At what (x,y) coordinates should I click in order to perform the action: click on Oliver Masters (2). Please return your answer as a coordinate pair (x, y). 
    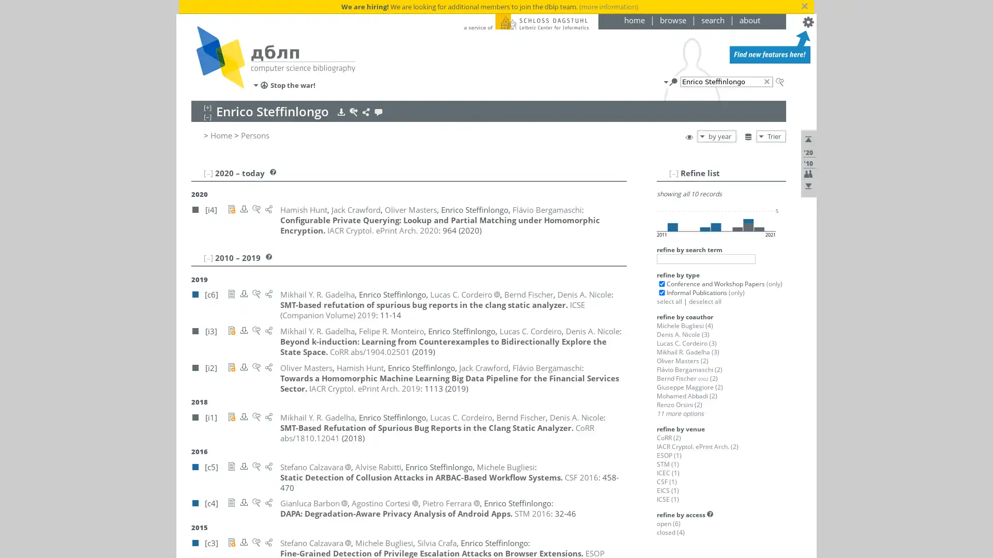
    Looking at the image, I should click on (683, 360).